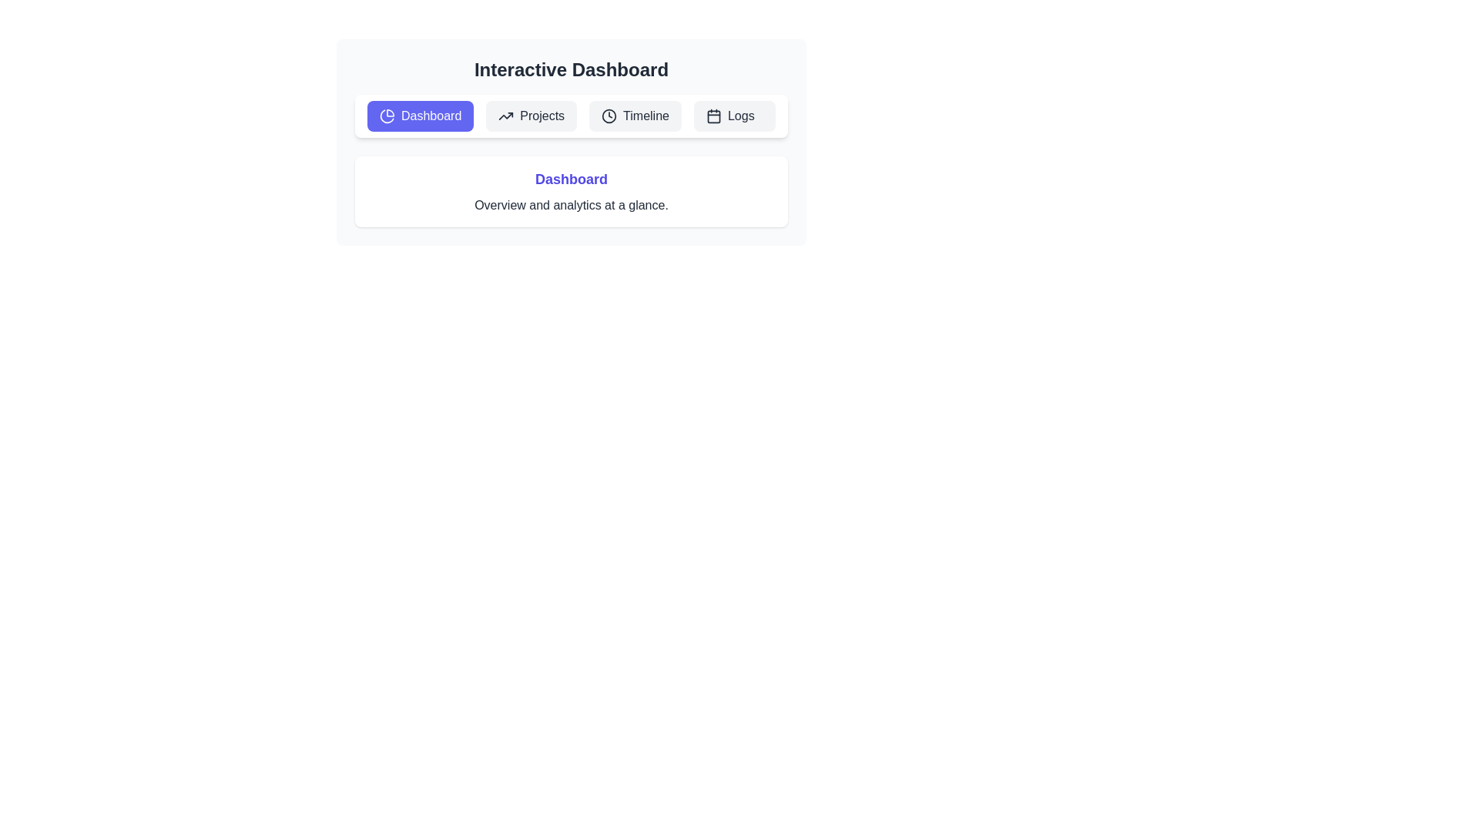 The width and height of the screenshot is (1479, 832). I want to click on the Icon that symbolizes trends or growth located within the 'Projects' navigation button, positioned to the left of the text 'Projects', so click(506, 115).